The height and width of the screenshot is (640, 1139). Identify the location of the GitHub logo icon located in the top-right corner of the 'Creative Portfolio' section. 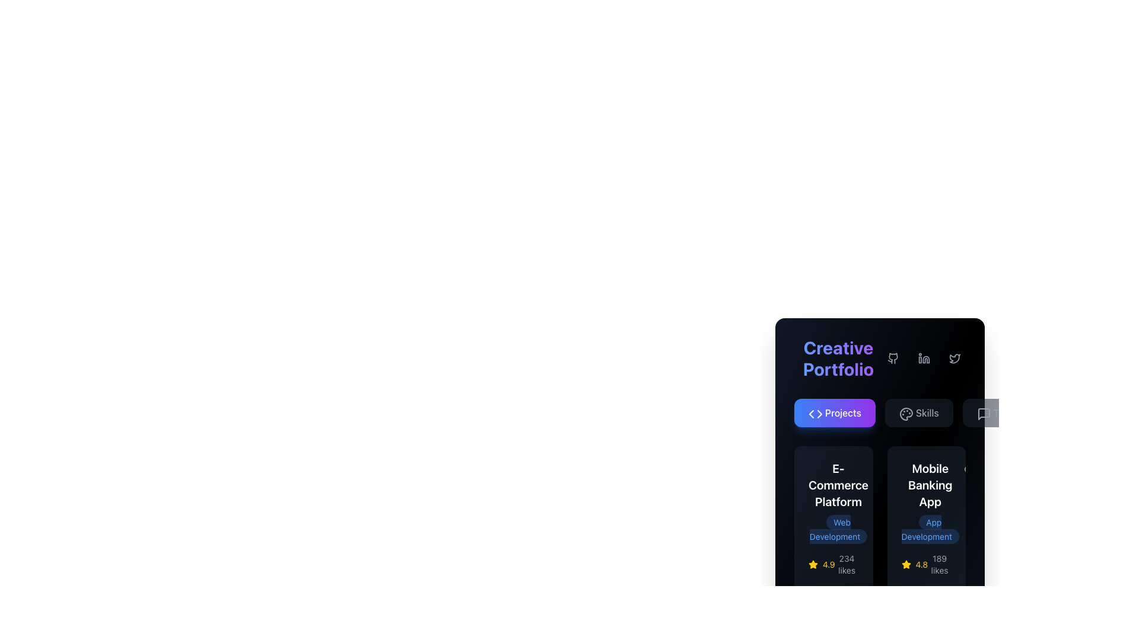
(893, 358).